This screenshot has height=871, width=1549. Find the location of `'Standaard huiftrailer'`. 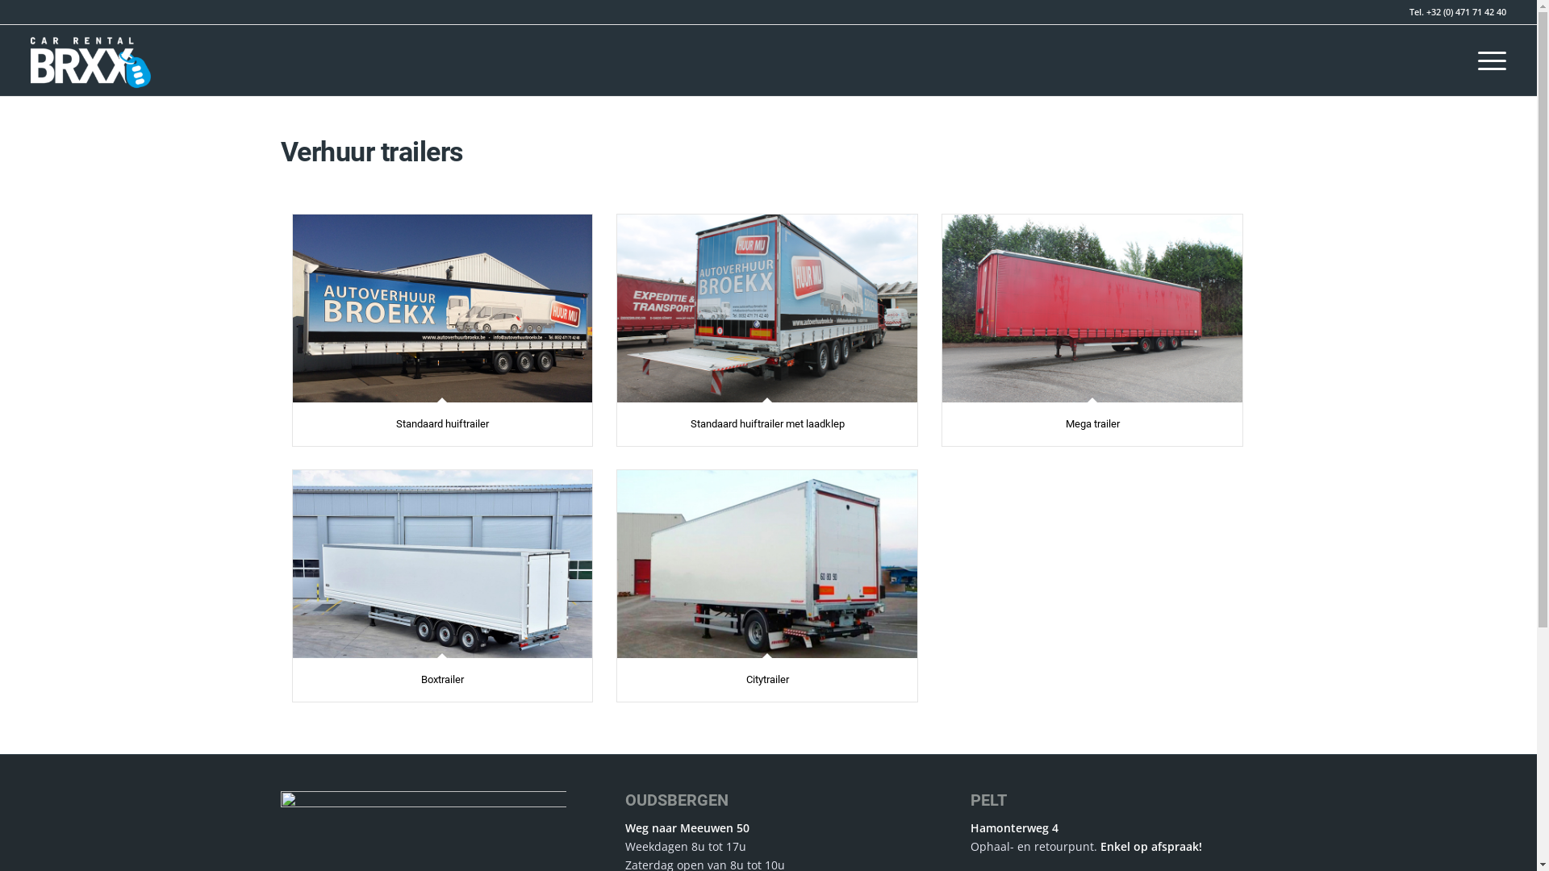

'Standaard huiftrailer' is located at coordinates (442, 423).